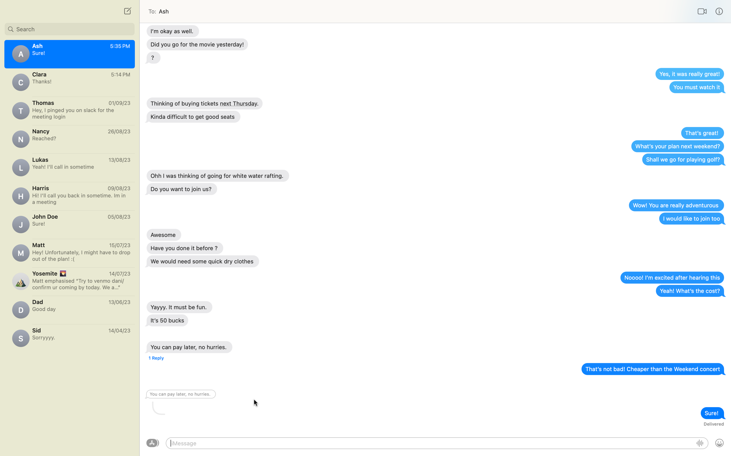 This screenshot has height=456, width=731. Describe the element at coordinates (690, 291) in the screenshot. I see `Activate the right-click options for the message "Yeah, what"s the cost?` at that location.